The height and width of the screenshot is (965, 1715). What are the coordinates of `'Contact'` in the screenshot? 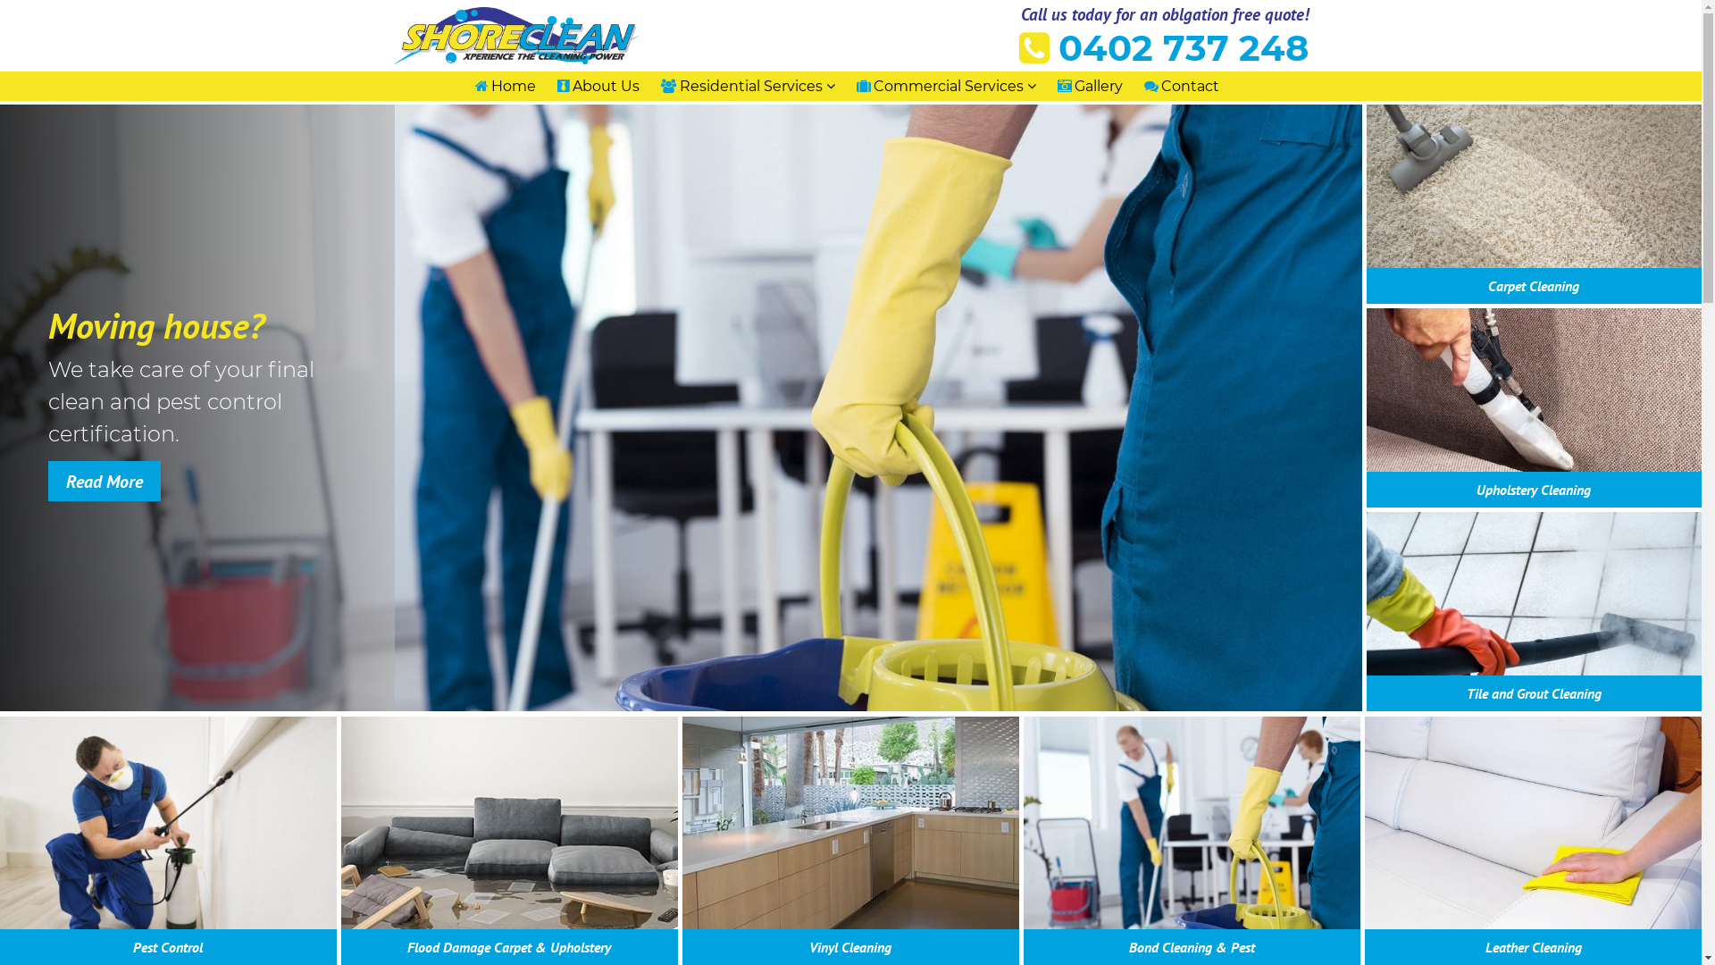 It's located at (1144, 86).